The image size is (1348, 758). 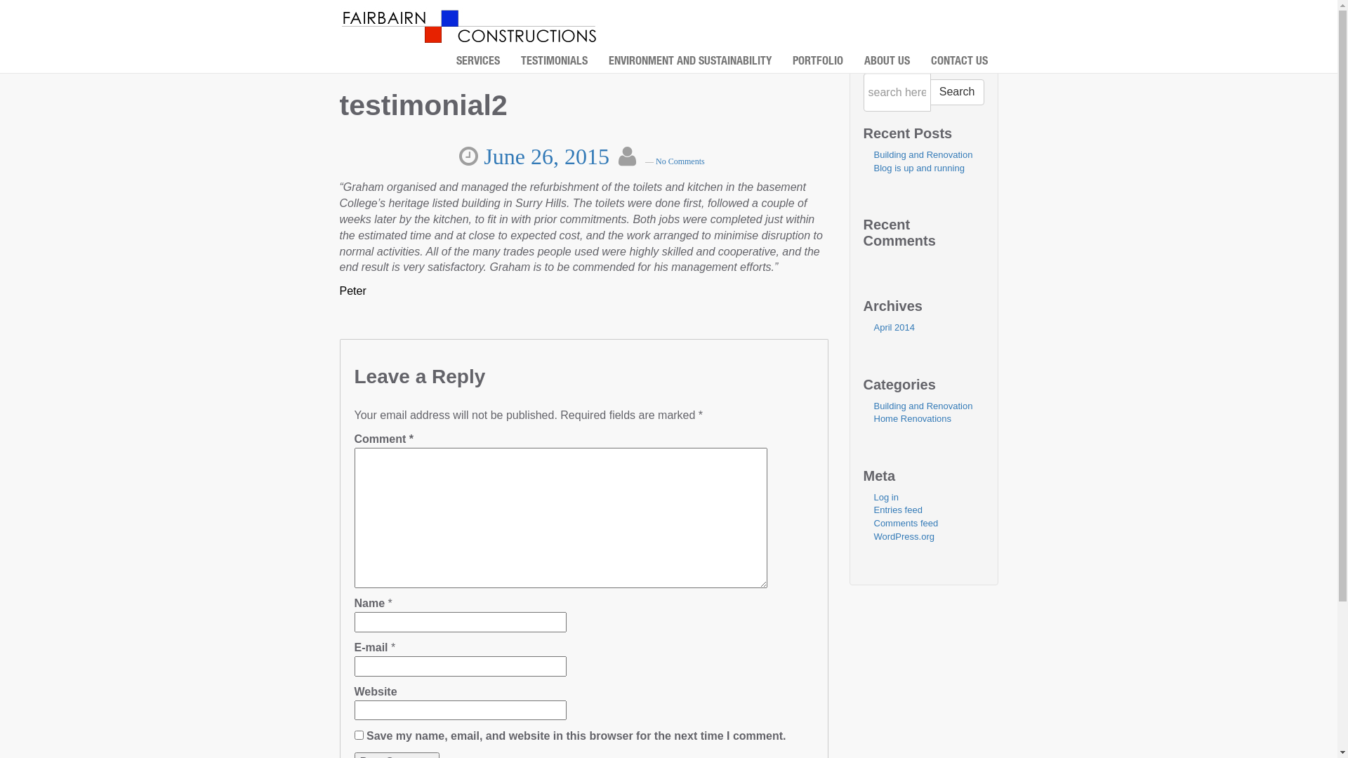 I want to click on 'Home Renovations', so click(x=912, y=418).